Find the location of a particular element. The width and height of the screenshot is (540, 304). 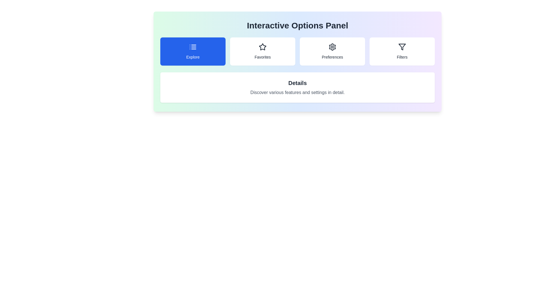

the 'Explore' button located at the top left corner of the button group is located at coordinates (193, 51).